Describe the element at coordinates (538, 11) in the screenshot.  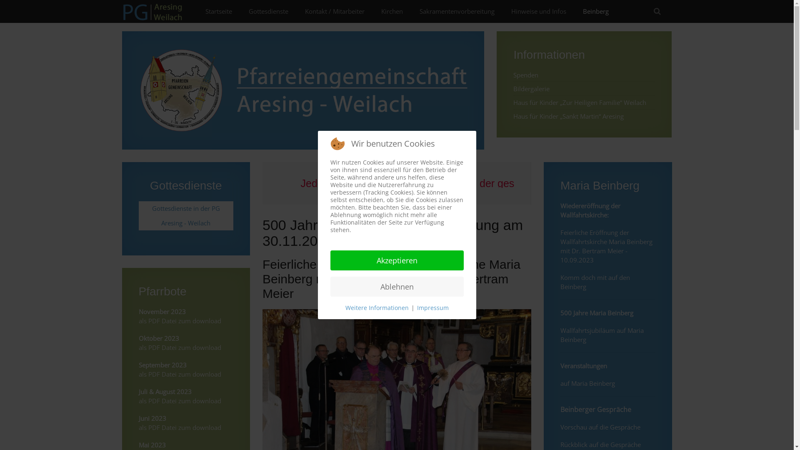
I see `'Hinweise und Infos'` at that location.